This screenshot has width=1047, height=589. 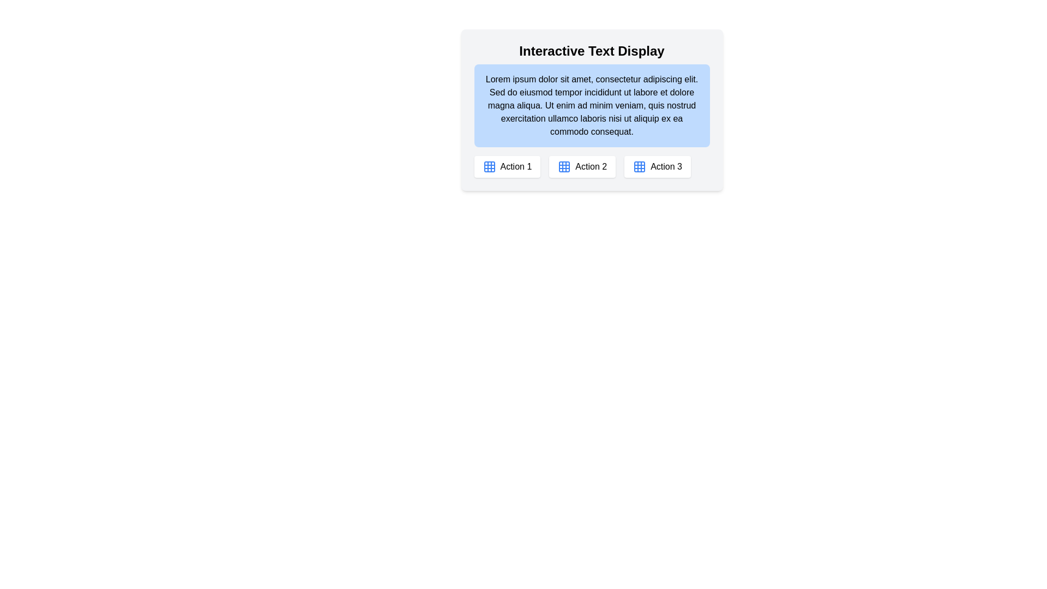 I want to click on the descriptive heading element that serves as a title for its content, located above a blue-text-filled box and action buttons, so click(x=591, y=51).